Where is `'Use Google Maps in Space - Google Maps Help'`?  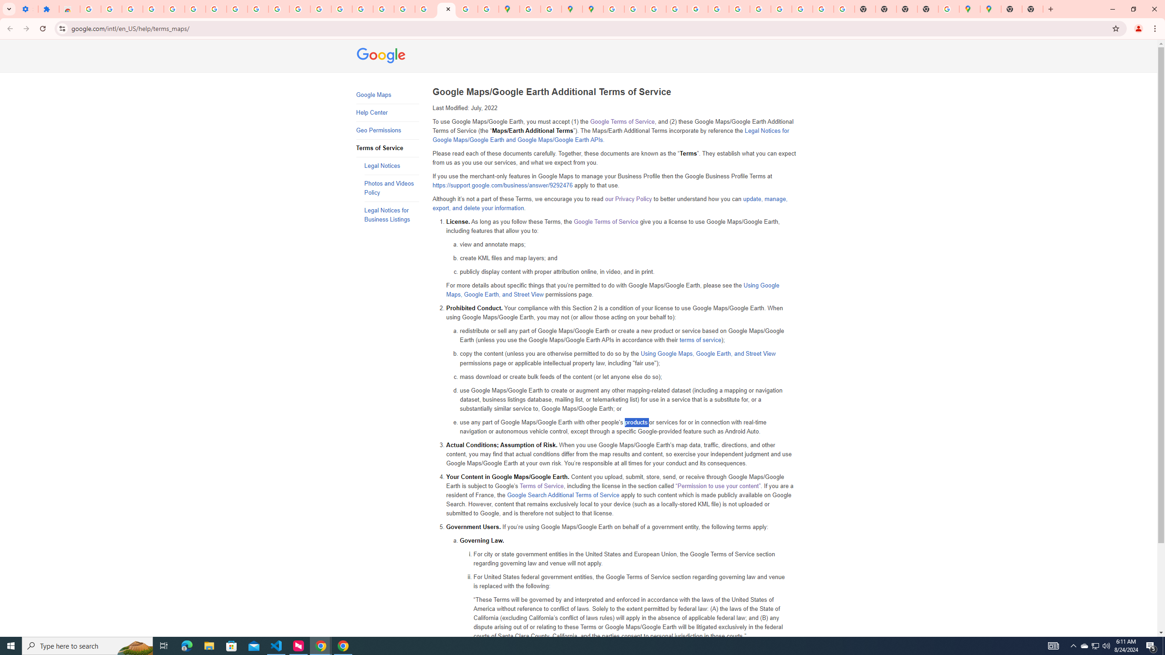 'Use Google Maps in Space - Google Maps Help' is located at coordinates (948, 9).